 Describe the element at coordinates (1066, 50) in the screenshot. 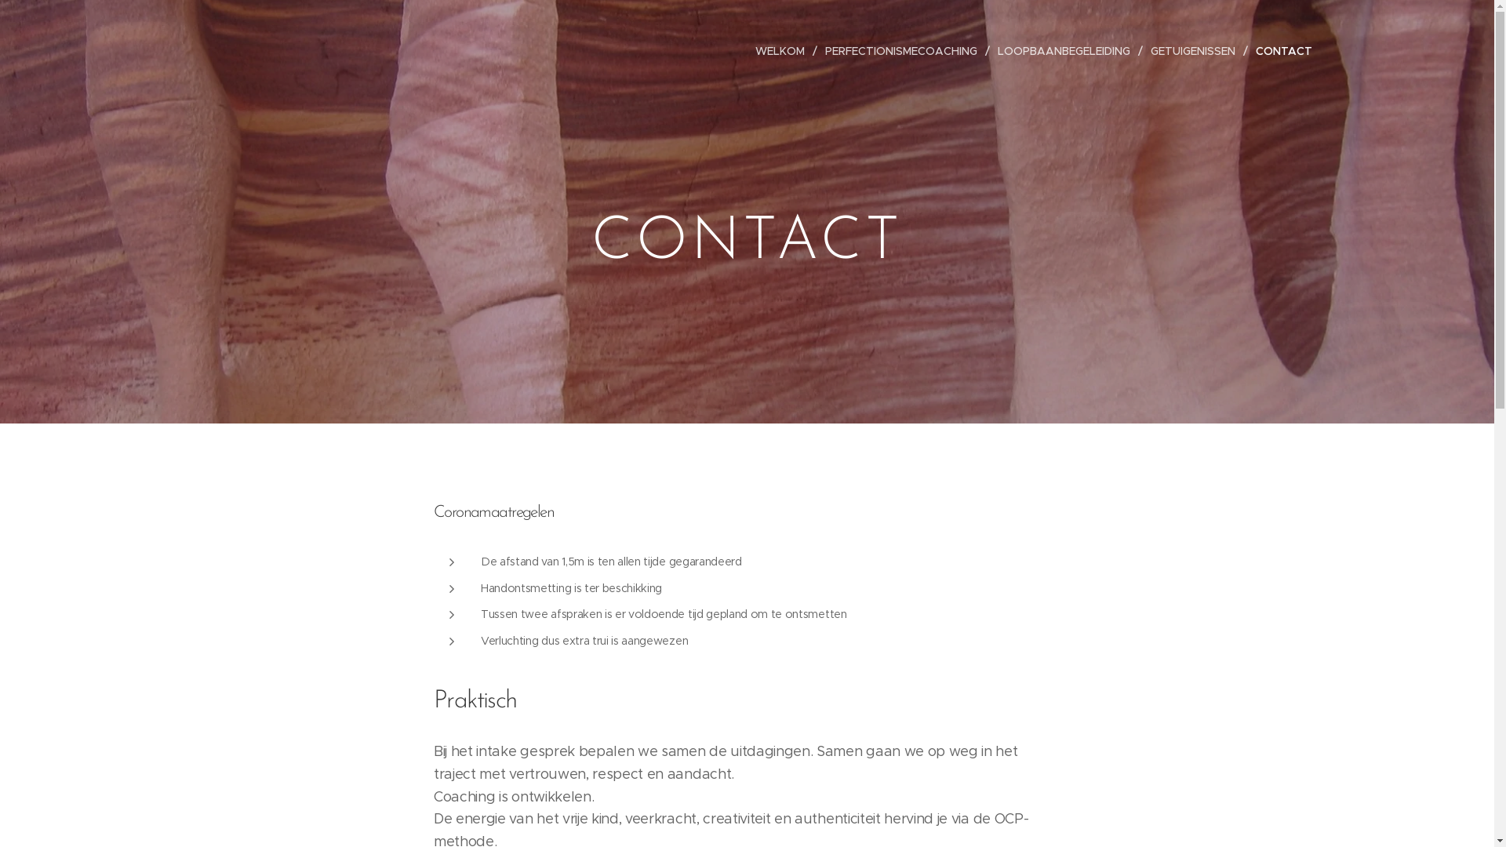

I see `'LOOPBAANBEGELEIDING'` at that location.